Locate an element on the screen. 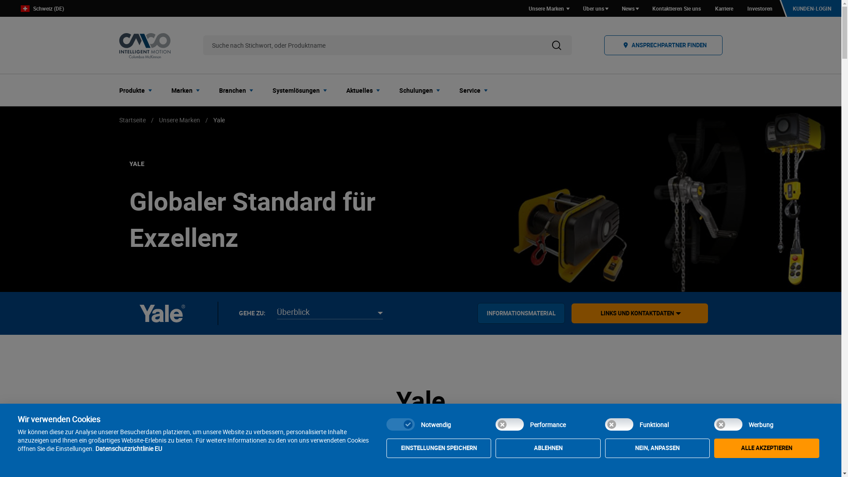 This screenshot has height=477, width=848. 'ANSPRECHPARTNER FINDEN' is located at coordinates (663, 45).